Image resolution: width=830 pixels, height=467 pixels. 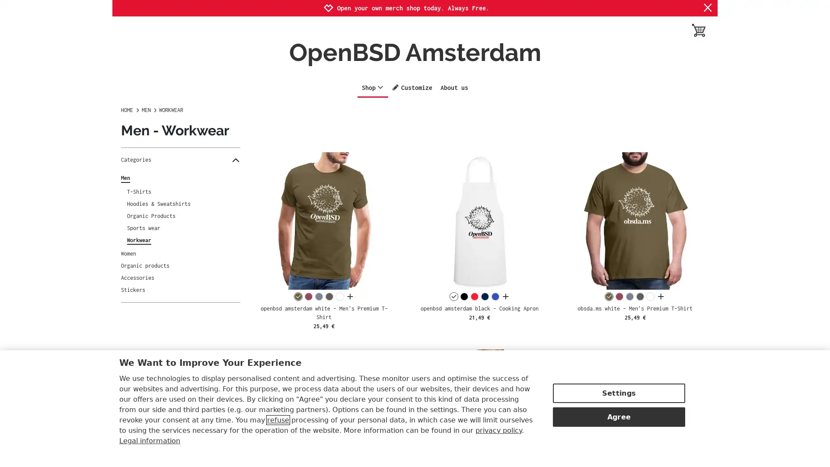 I want to click on heather burgundy, so click(x=308, y=296).